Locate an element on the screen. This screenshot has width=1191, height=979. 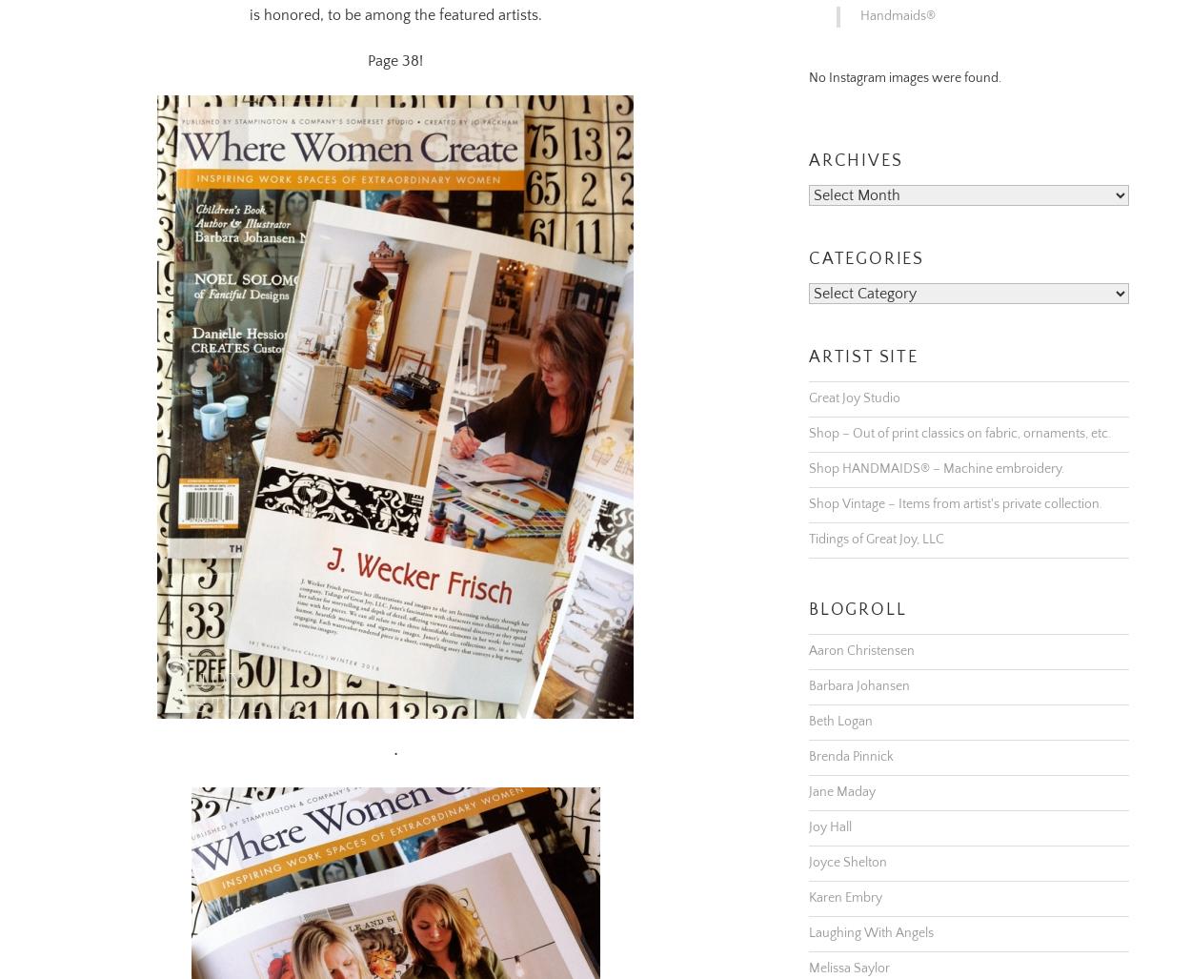
'Tidings of Great Joy, LLC' is located at coordinates (877, 515).